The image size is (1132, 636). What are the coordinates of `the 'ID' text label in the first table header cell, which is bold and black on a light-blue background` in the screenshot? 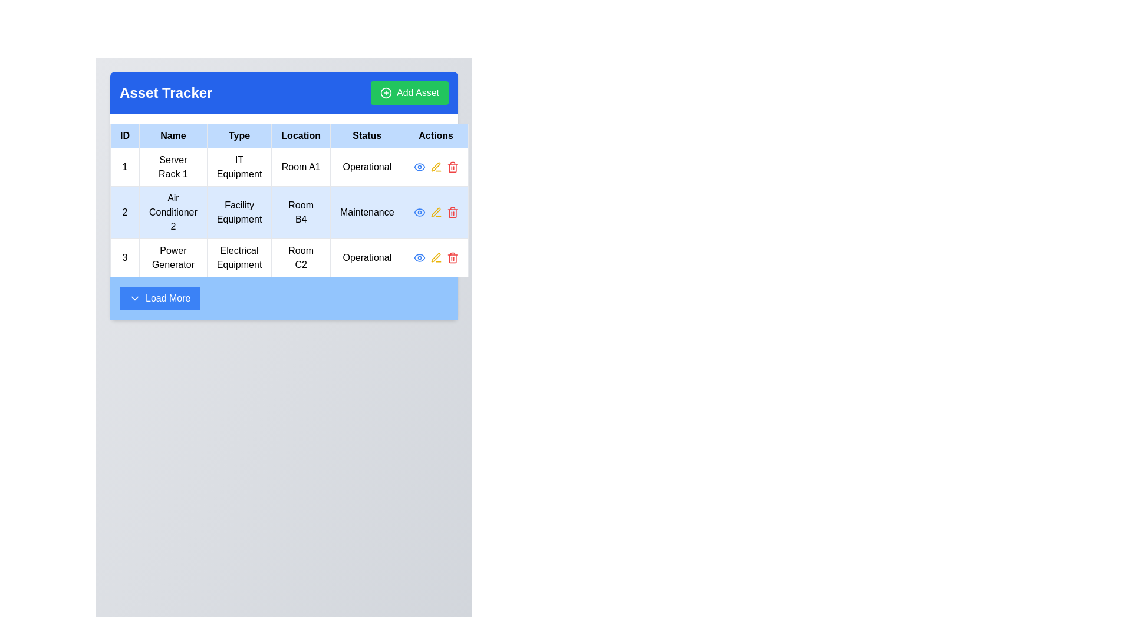 It's located at (124, 135).